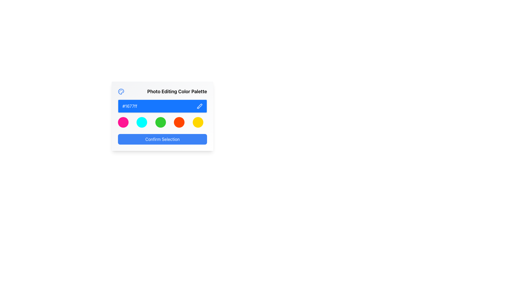 The image size is (509, 286). What do you see at coordinates (162, 91) in the screenshot?
I see `the Text label with an accompanying icon at the top of the card, which indicates photo editing and color selection controls` at bounding box center [162, 91].